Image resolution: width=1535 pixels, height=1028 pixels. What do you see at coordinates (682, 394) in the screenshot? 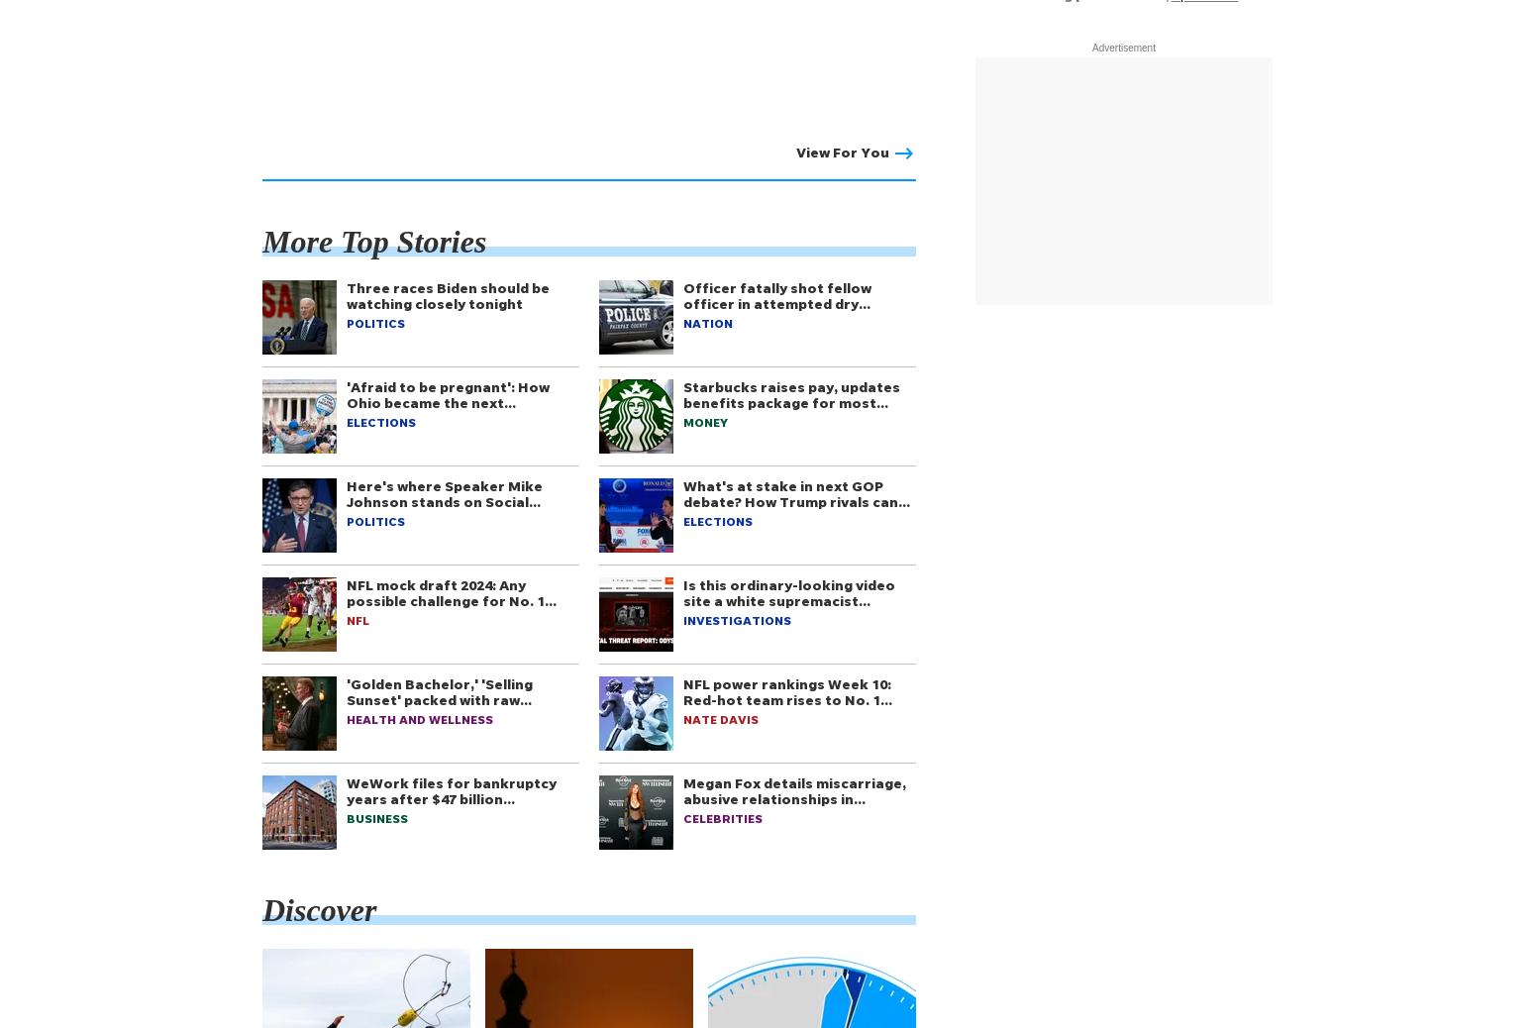
I see `'Starbucks raises pay, updates benefits package for most…'` at bounding box center [682, 394].